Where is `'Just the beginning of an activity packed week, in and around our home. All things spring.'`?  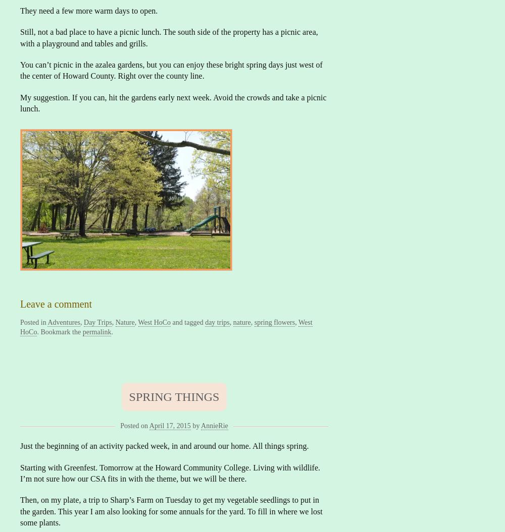
'Just the beginning of an activity packed week, in and around our home. All things spring.' is located at coordinates (164, 445).